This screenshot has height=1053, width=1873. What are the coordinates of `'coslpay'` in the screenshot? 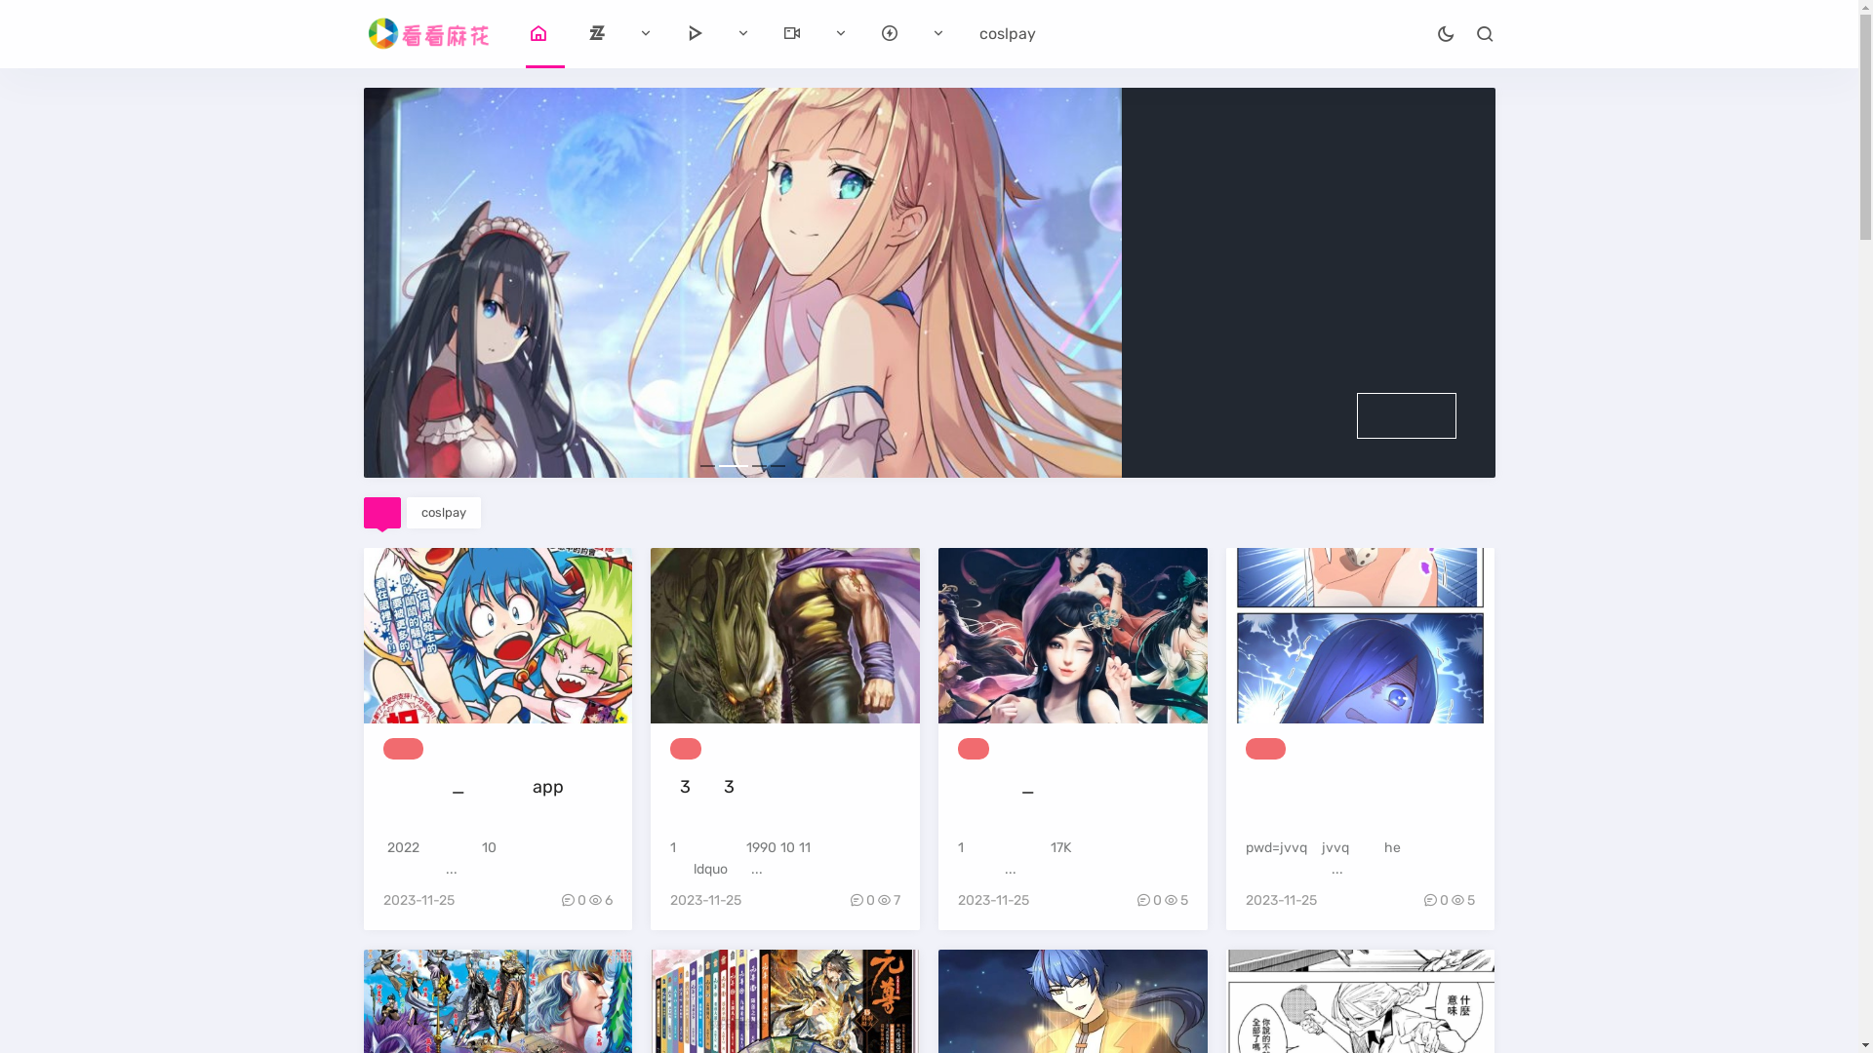 It's located at (420, 511).